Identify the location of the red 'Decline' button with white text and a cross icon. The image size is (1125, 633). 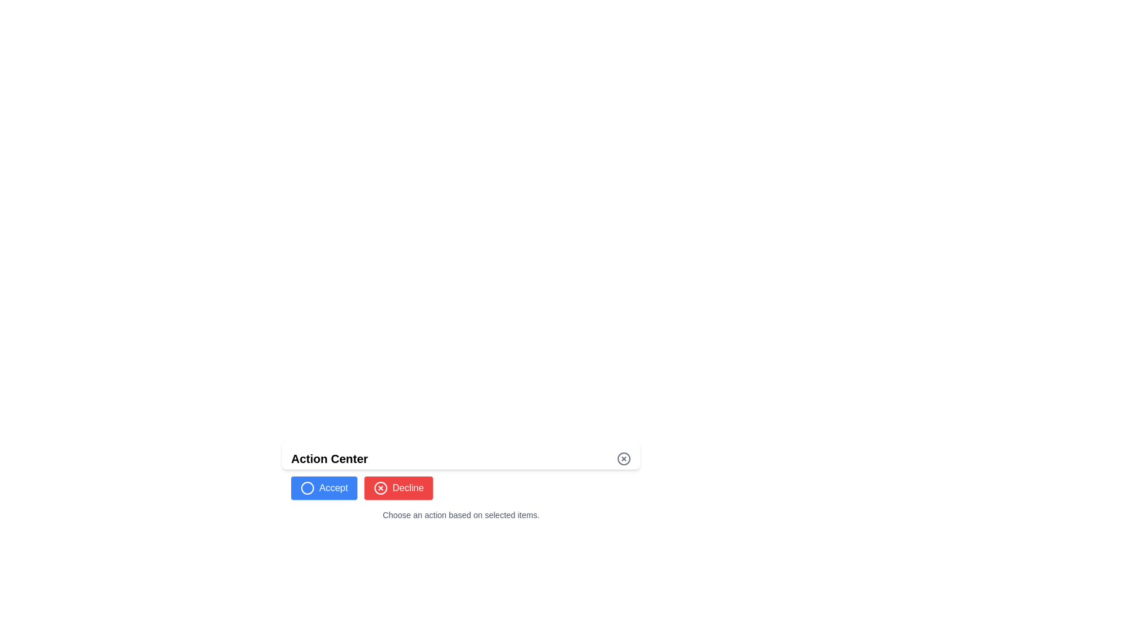
(398, 488).